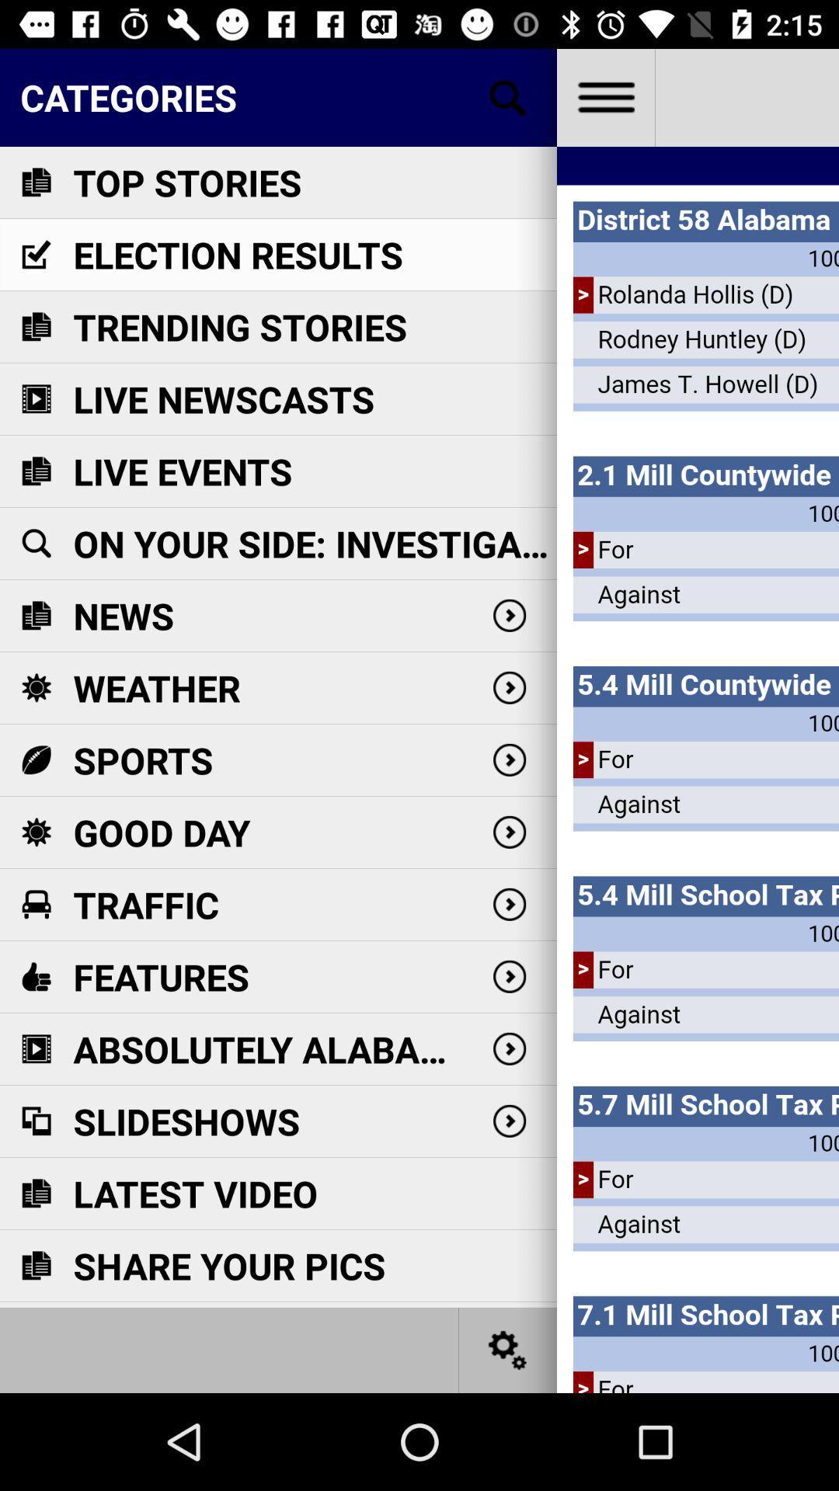 Image resolution: width=839 pixels, height=1491 pixels. I want to click on the menu icon, so click(604, 96).